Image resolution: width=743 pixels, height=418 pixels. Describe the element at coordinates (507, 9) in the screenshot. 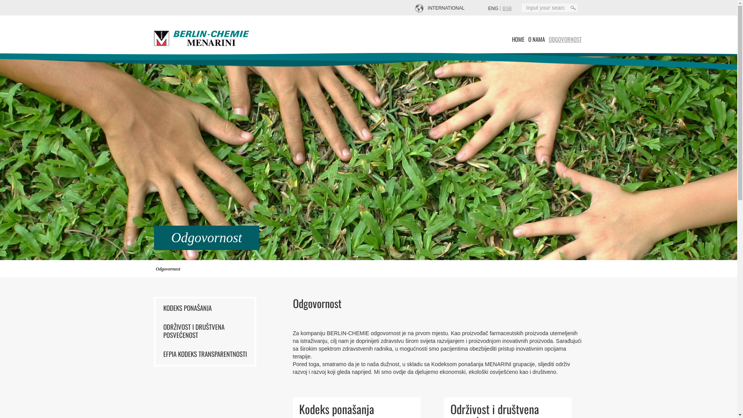

I see `'BSB'` at that location.